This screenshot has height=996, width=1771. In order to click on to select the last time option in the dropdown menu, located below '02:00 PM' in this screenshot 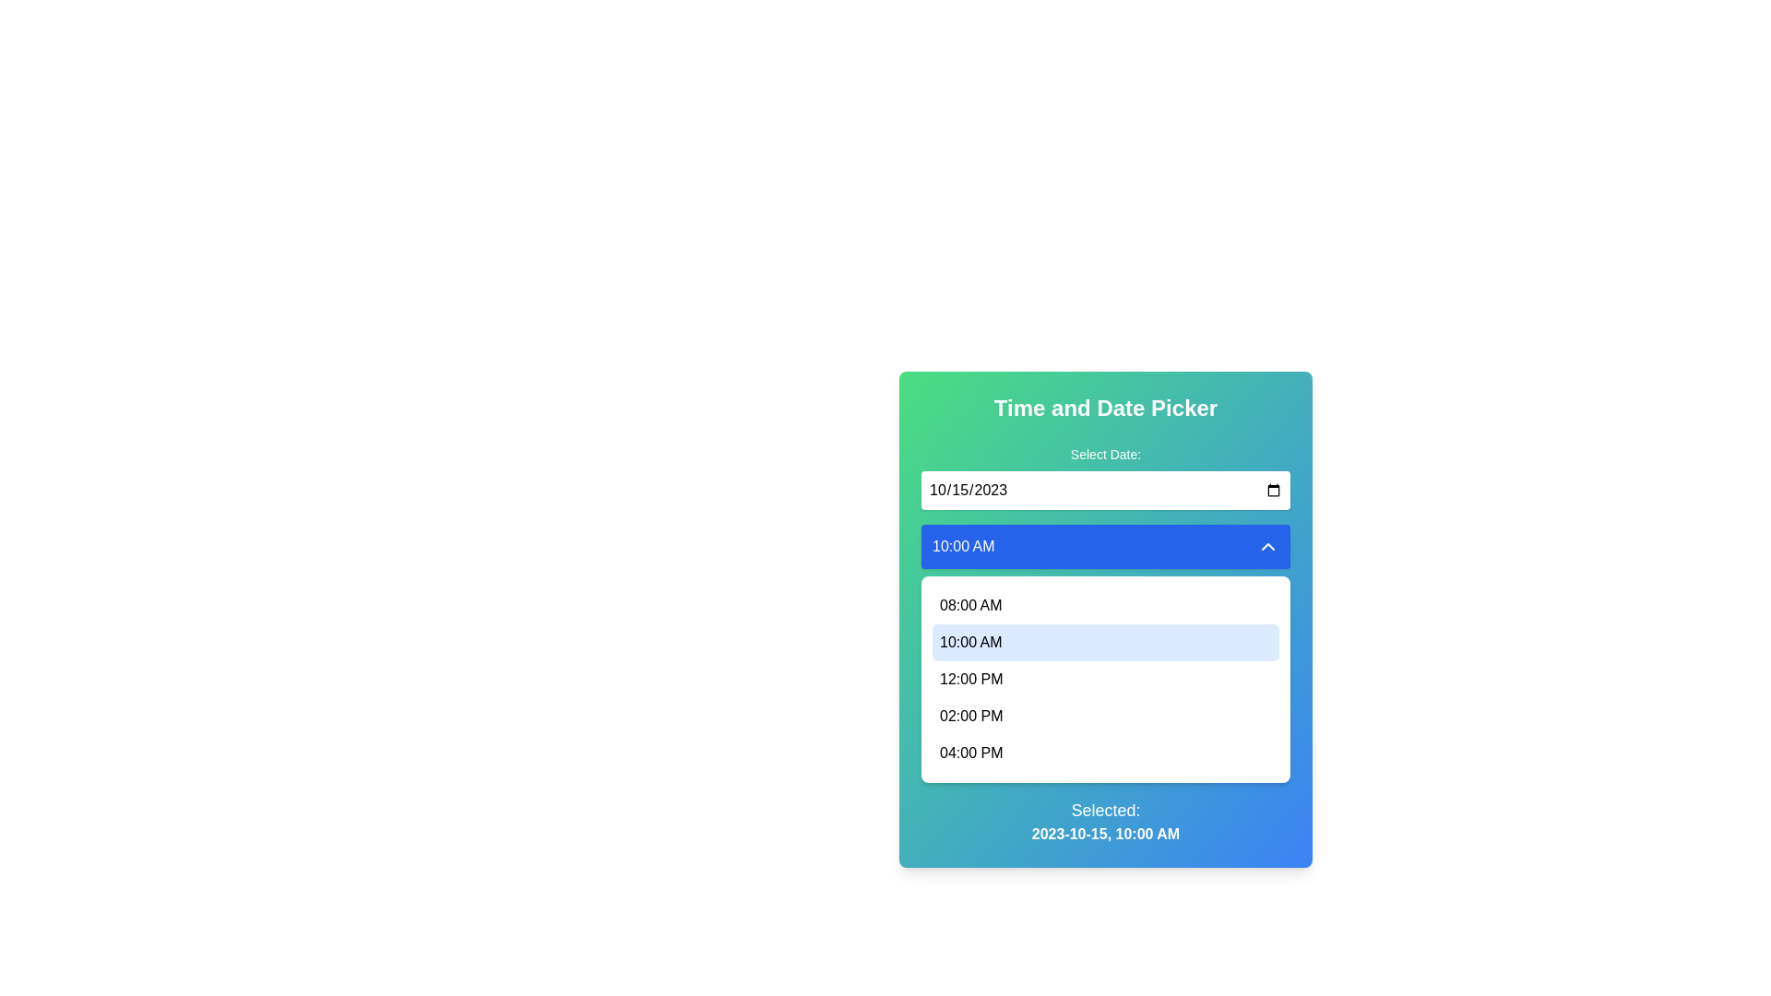, I will do `click(1106, 753)`.